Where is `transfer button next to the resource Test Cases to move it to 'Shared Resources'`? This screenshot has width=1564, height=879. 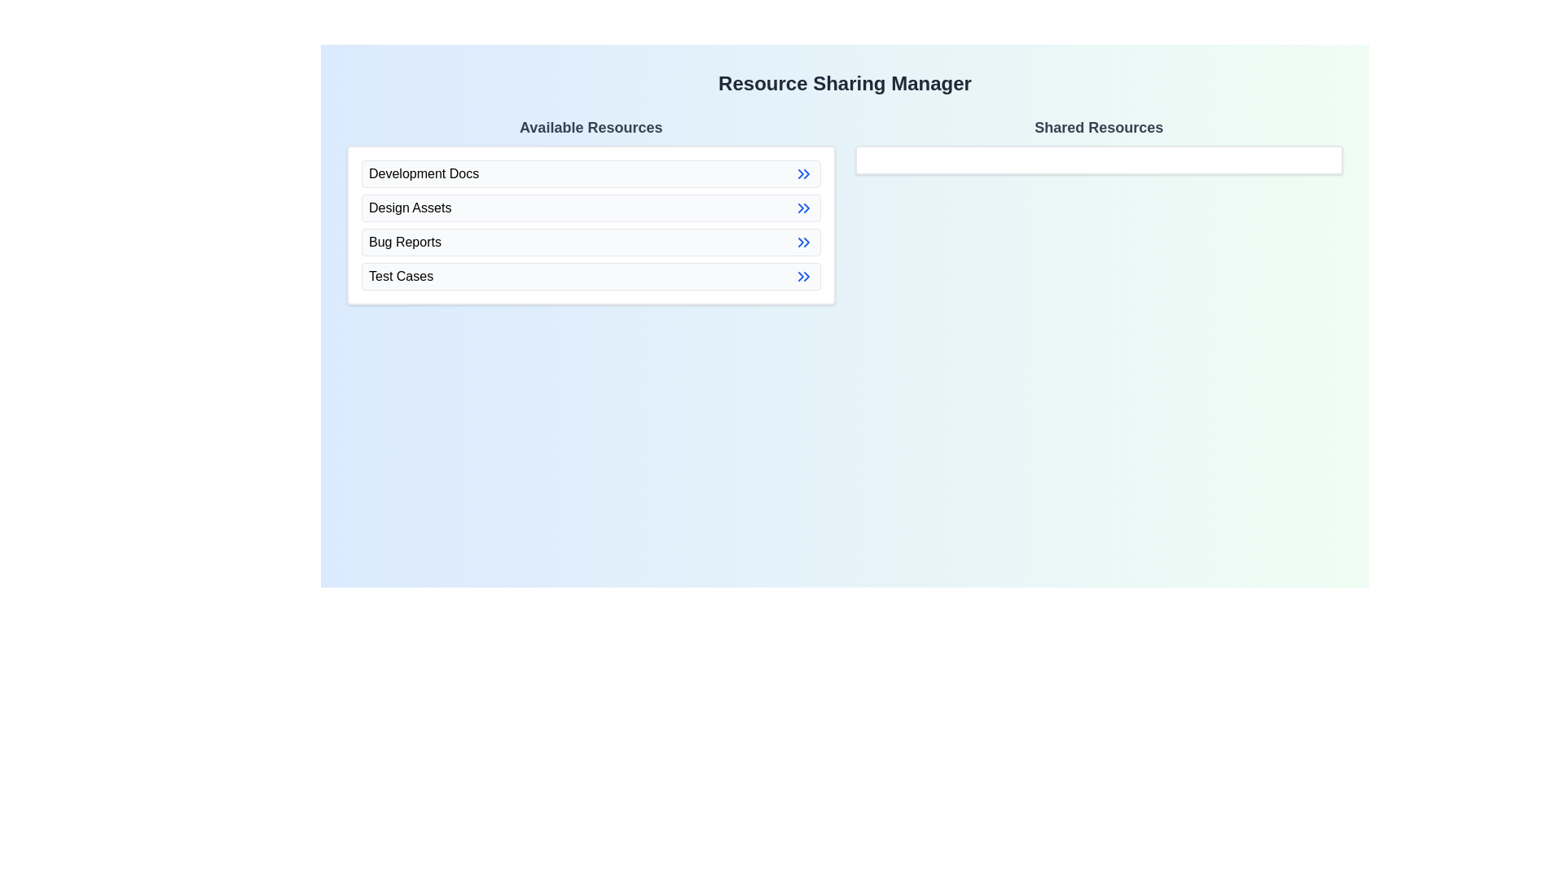
transfer button next to the resource Test Cases to move it to 'Shared Resources' is located at coordinates (803, 275).